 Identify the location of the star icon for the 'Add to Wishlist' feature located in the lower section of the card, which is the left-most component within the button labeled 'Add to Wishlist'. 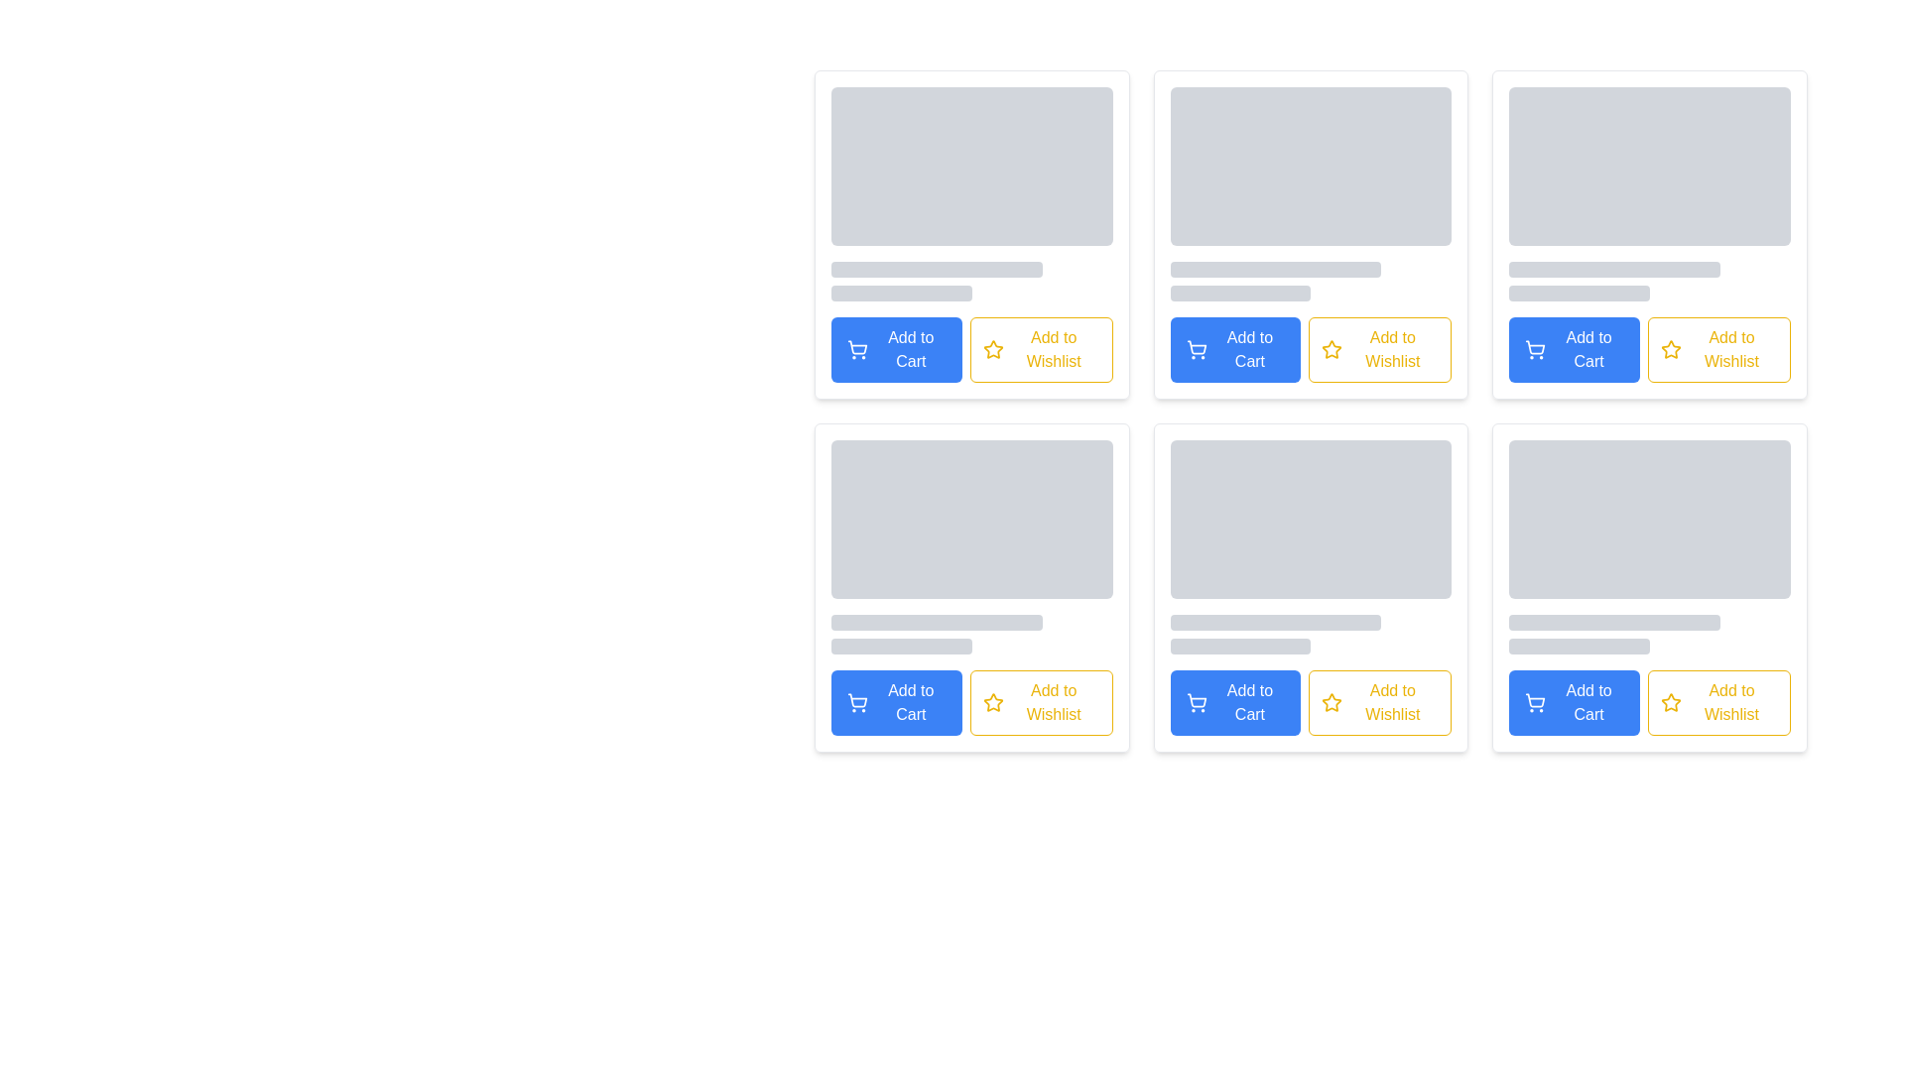
(1332, 349).